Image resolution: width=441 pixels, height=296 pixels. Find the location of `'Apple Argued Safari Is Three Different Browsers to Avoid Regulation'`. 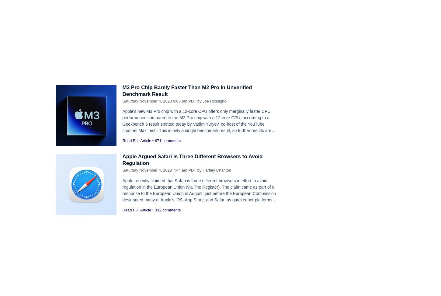

'Apple Argued Safari Is Three Different Browsers to Avoid Regulation' is located at coordinates (192, 159).